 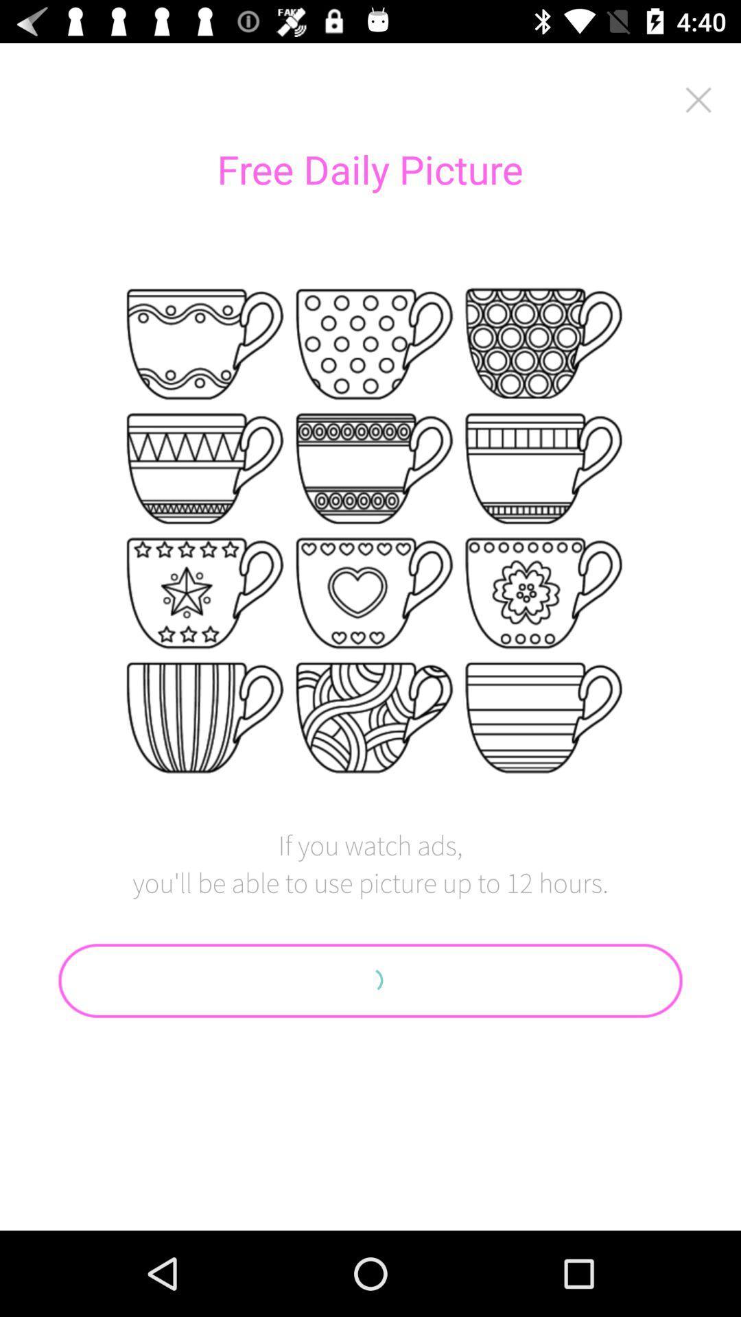 What do you see at coordinates (698, 99) in the screenshot?
I see `icon to the right of the free daily picture` at bounding box center [698, 99].